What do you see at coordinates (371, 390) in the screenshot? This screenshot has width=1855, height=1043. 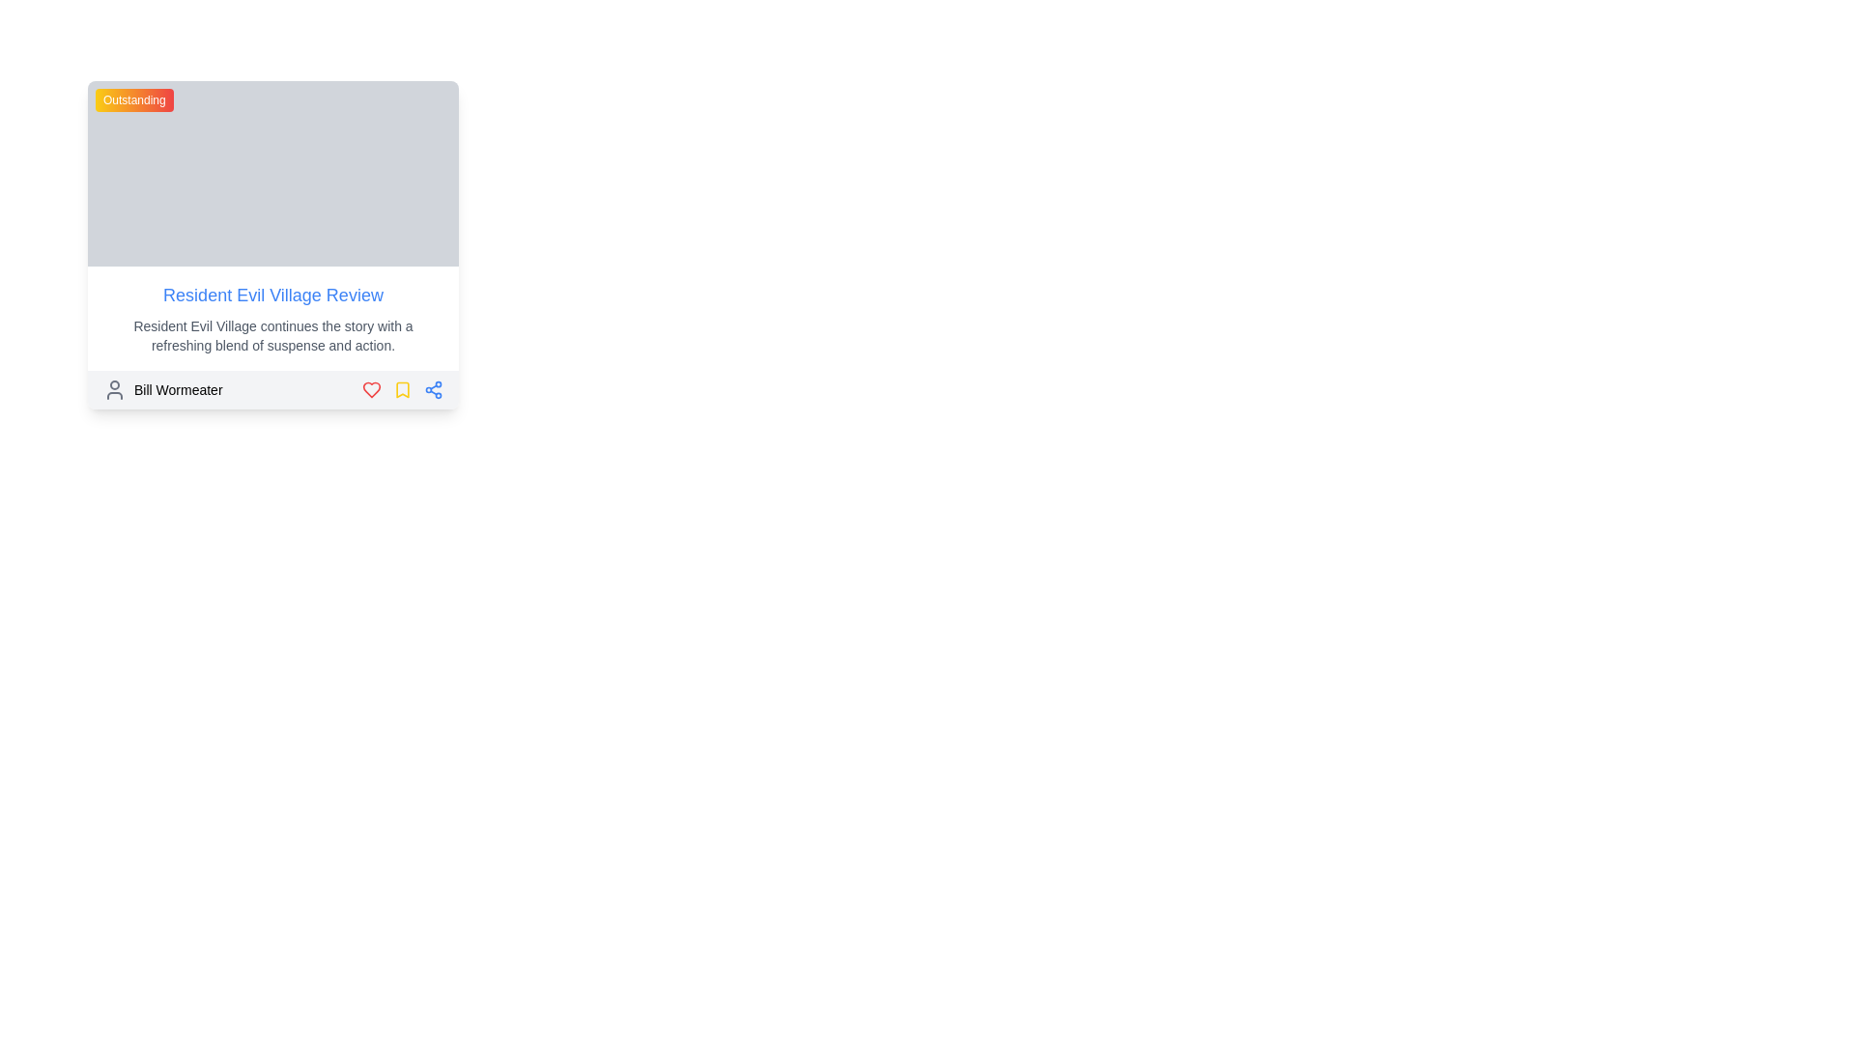 I see `the heart icon located below the 'Resident Evil Village Review' content to like it` at bounding box center [371, 390].